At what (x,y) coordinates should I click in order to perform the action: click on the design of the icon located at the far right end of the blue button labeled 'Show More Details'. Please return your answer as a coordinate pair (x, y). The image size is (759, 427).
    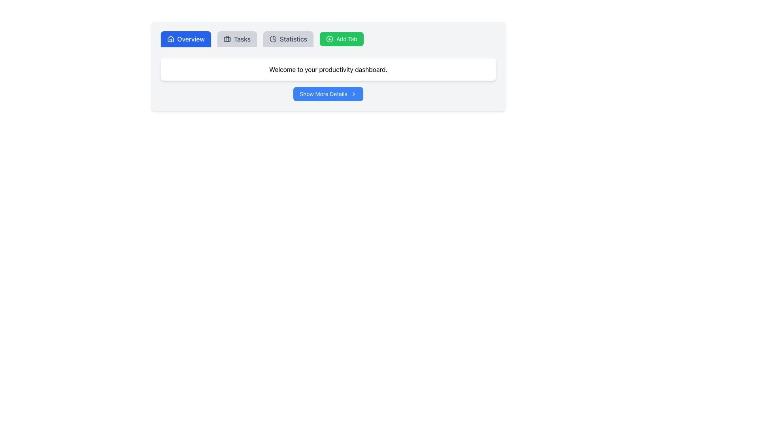
    Looking at the image, I should click on (353, 94).